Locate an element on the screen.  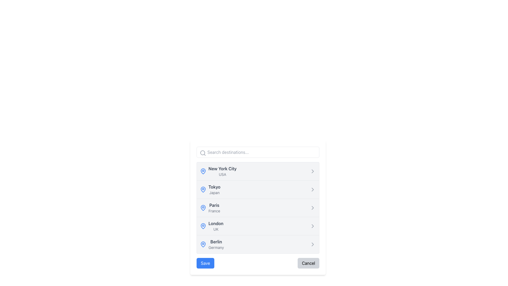
the visual indicator icon associated with the 'Berlin' list item in the selectable list, which is located at the leftmost section of the last item in the 'Germany' section is located at coordinates (203, 244).